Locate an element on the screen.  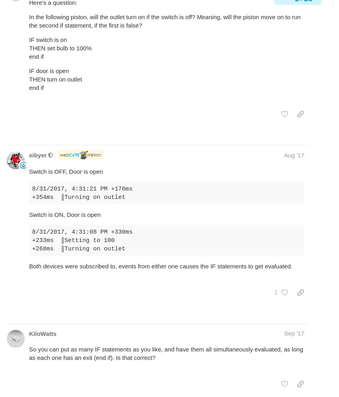
'Both devices were subscribed to, events from either one causes the IF statements to get evaluated.' is located at coordinates (29, 266).